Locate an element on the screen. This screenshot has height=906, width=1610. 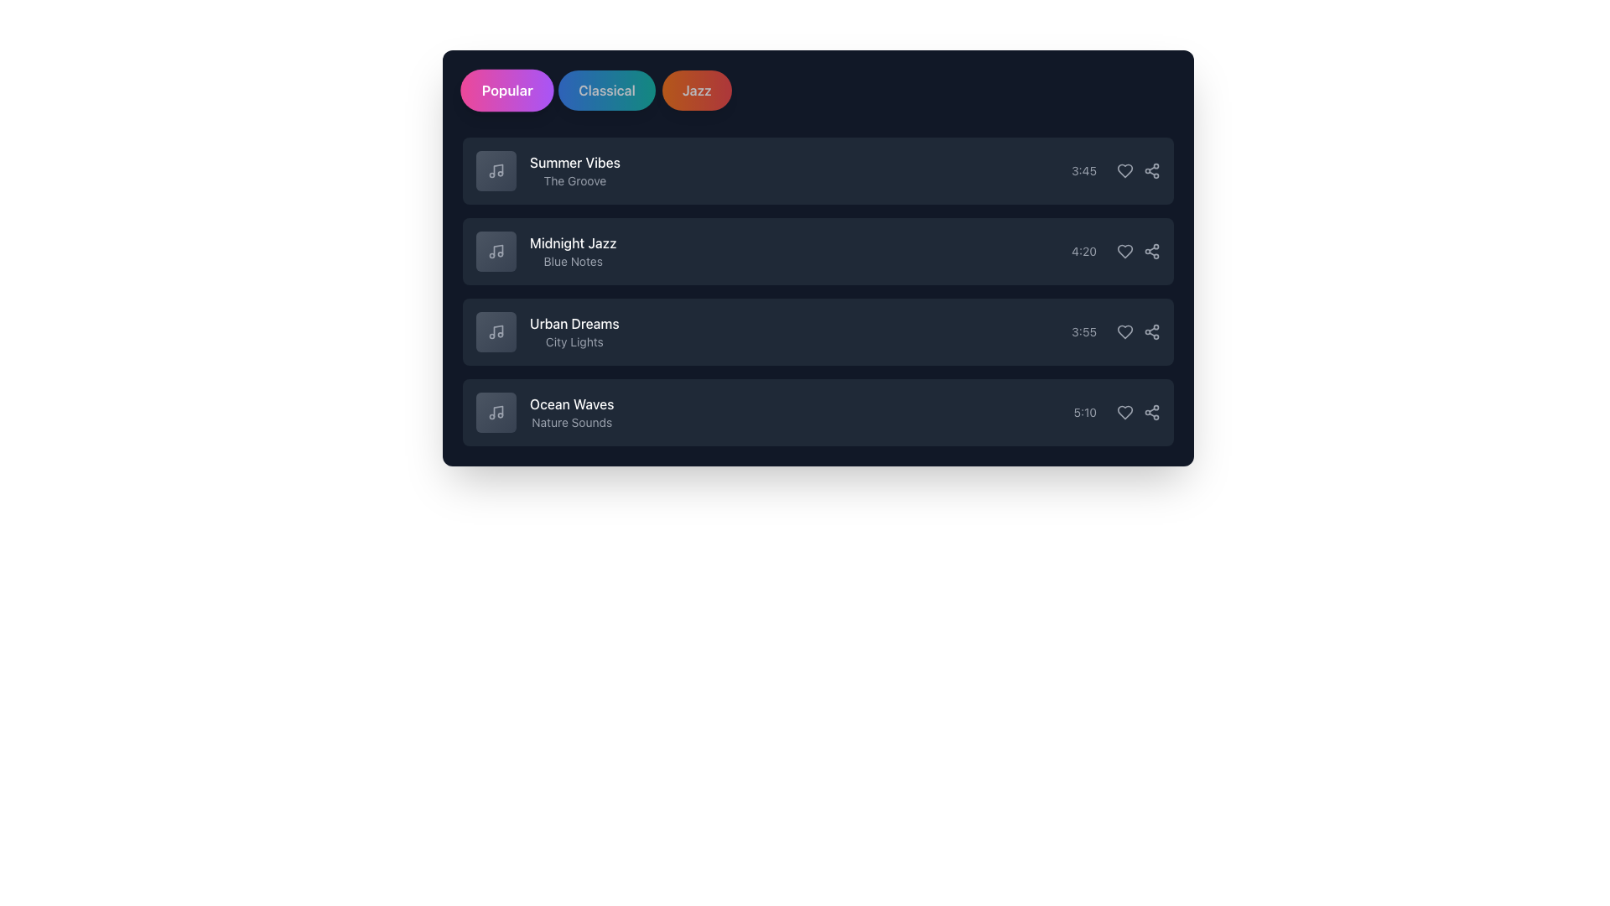
the heart and sharing icons in the bottom-right corner of the 'Ocean Waves - Nature Sounds' track is located at coordinates (1139, 413).